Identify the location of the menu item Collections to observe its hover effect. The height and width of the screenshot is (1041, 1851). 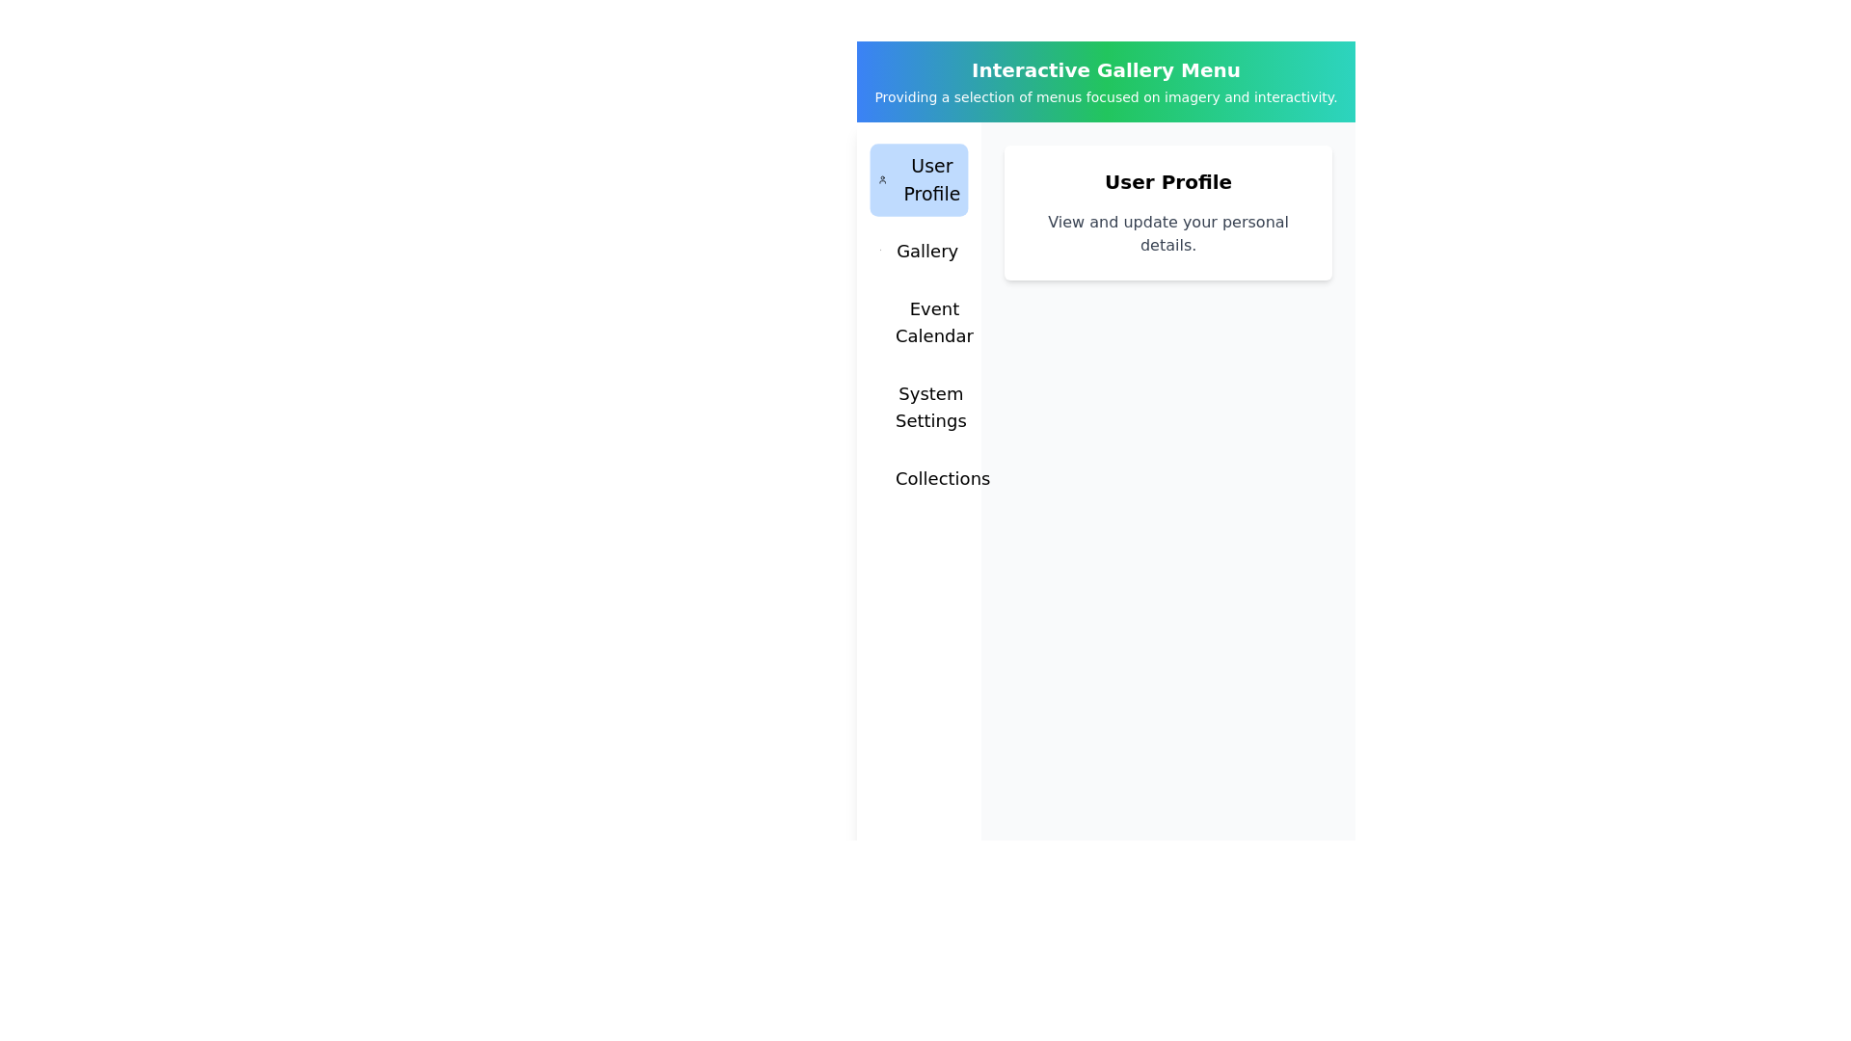
(918, 478).